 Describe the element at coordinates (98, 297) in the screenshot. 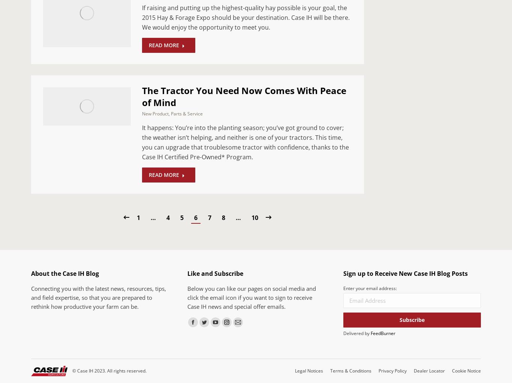

I see `'Connecting you with the latest news, resources, tips, and field expertise, so that you are prepared to rethink how productive your farm can be.'` at that location.